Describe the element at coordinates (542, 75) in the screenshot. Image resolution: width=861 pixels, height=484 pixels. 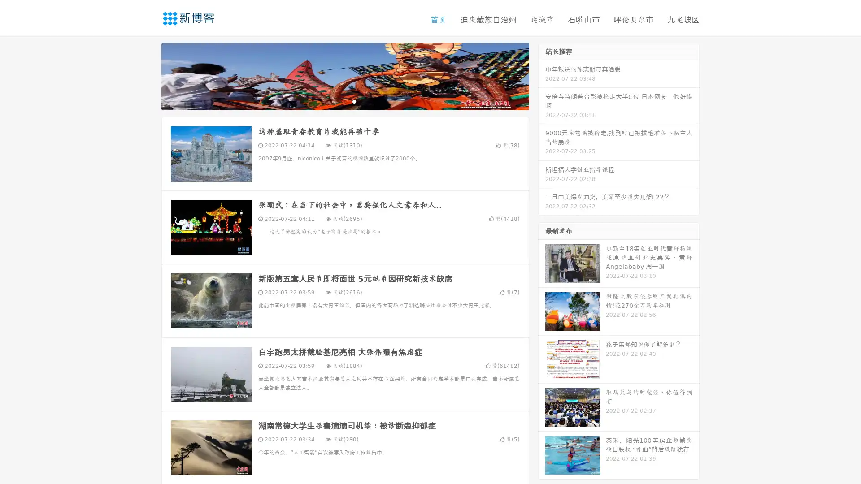
I see `Next slide` at that location.